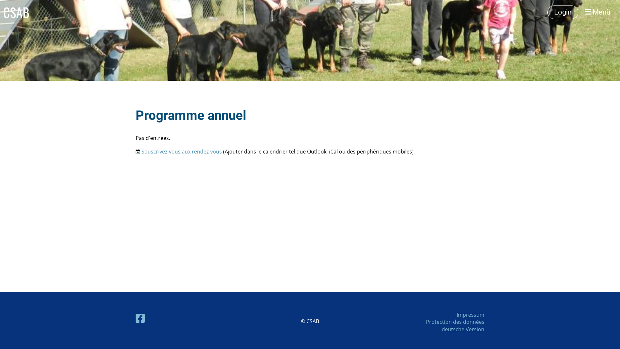 The width and height of the screenshot is (620, 349). Describe the element at coordinates (16, 12) in the screenshot. I see `'CSAB'` at that location.